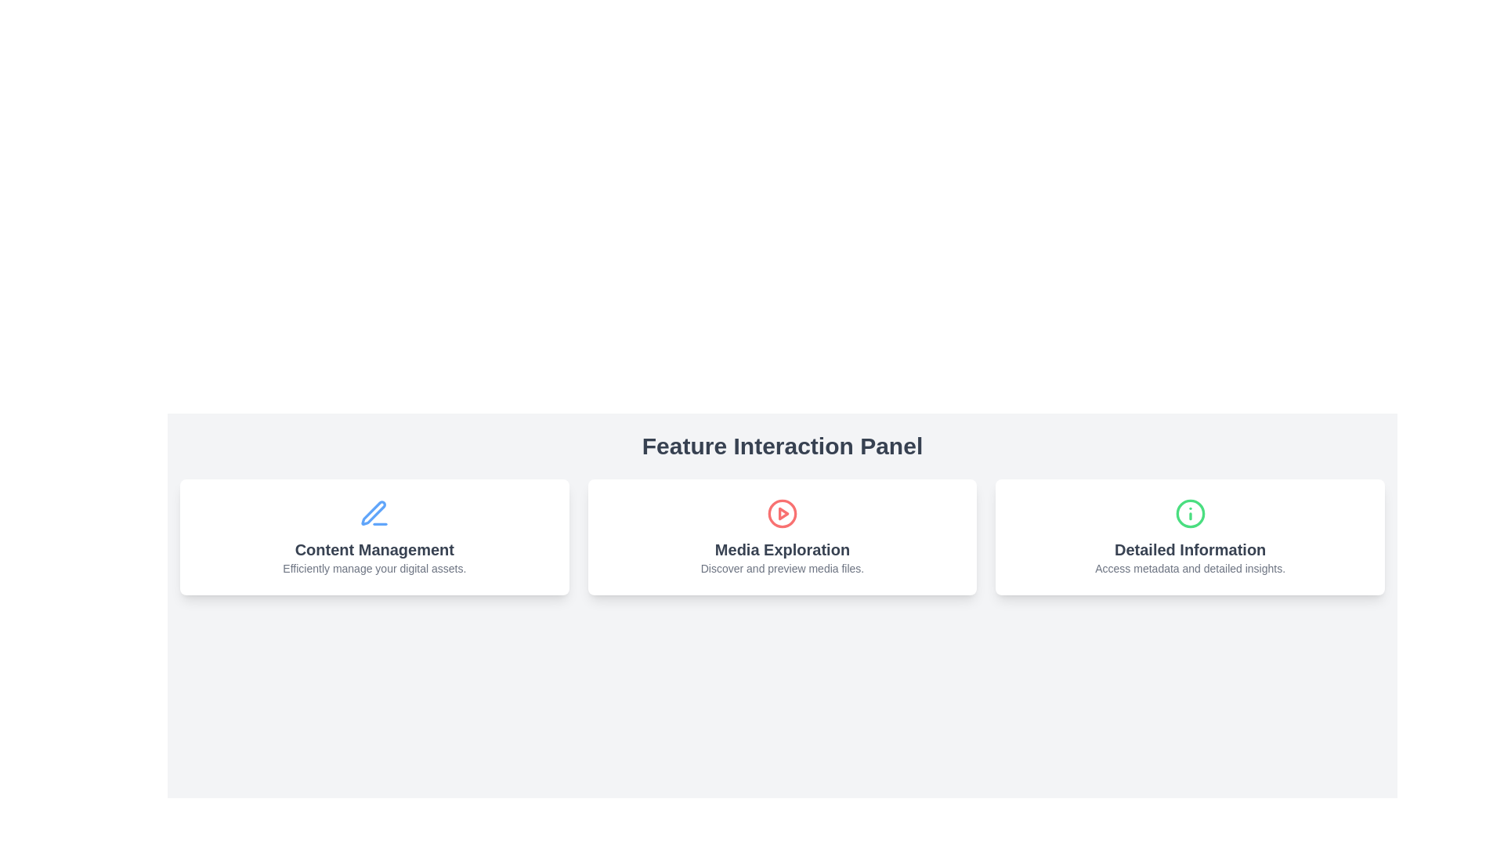 The width and height of the screenshot is (1504, 846). What do you see at coordinates (782, 513) in the screenshot?
I see `the visual marker icon located at the top-center of the 'Media Exploration' card, which is positioned above the title and subtitle` at bounding box center [782, 513].